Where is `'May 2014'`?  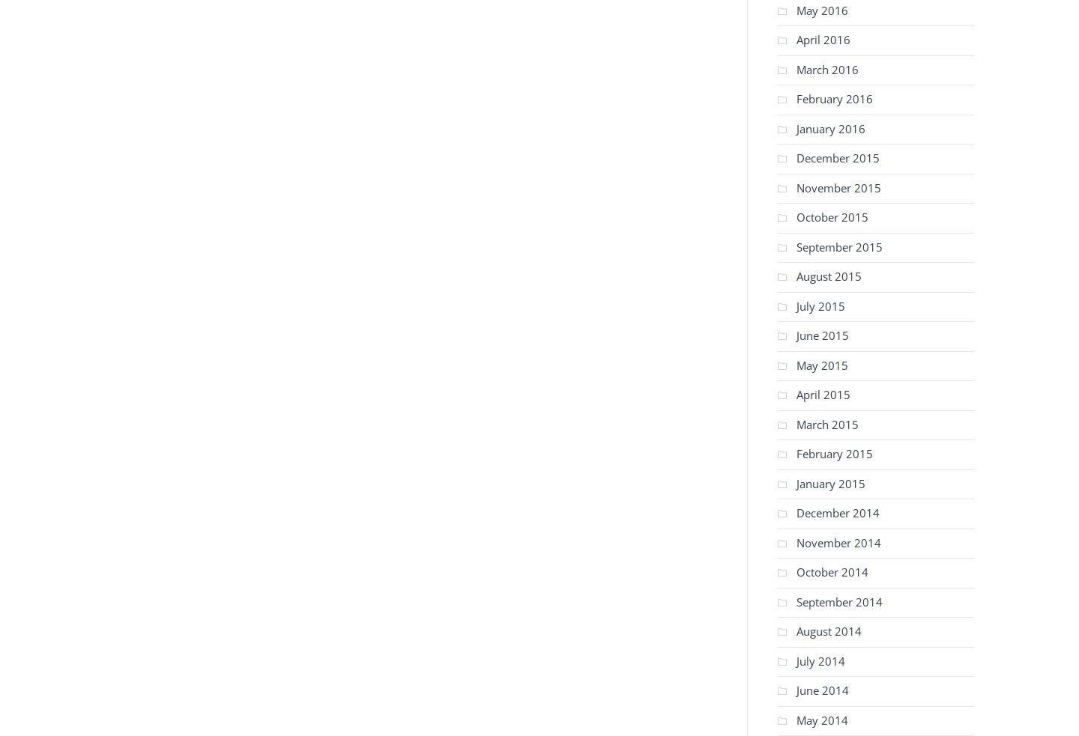 'May 2014' is located at coordinates (797, 719).